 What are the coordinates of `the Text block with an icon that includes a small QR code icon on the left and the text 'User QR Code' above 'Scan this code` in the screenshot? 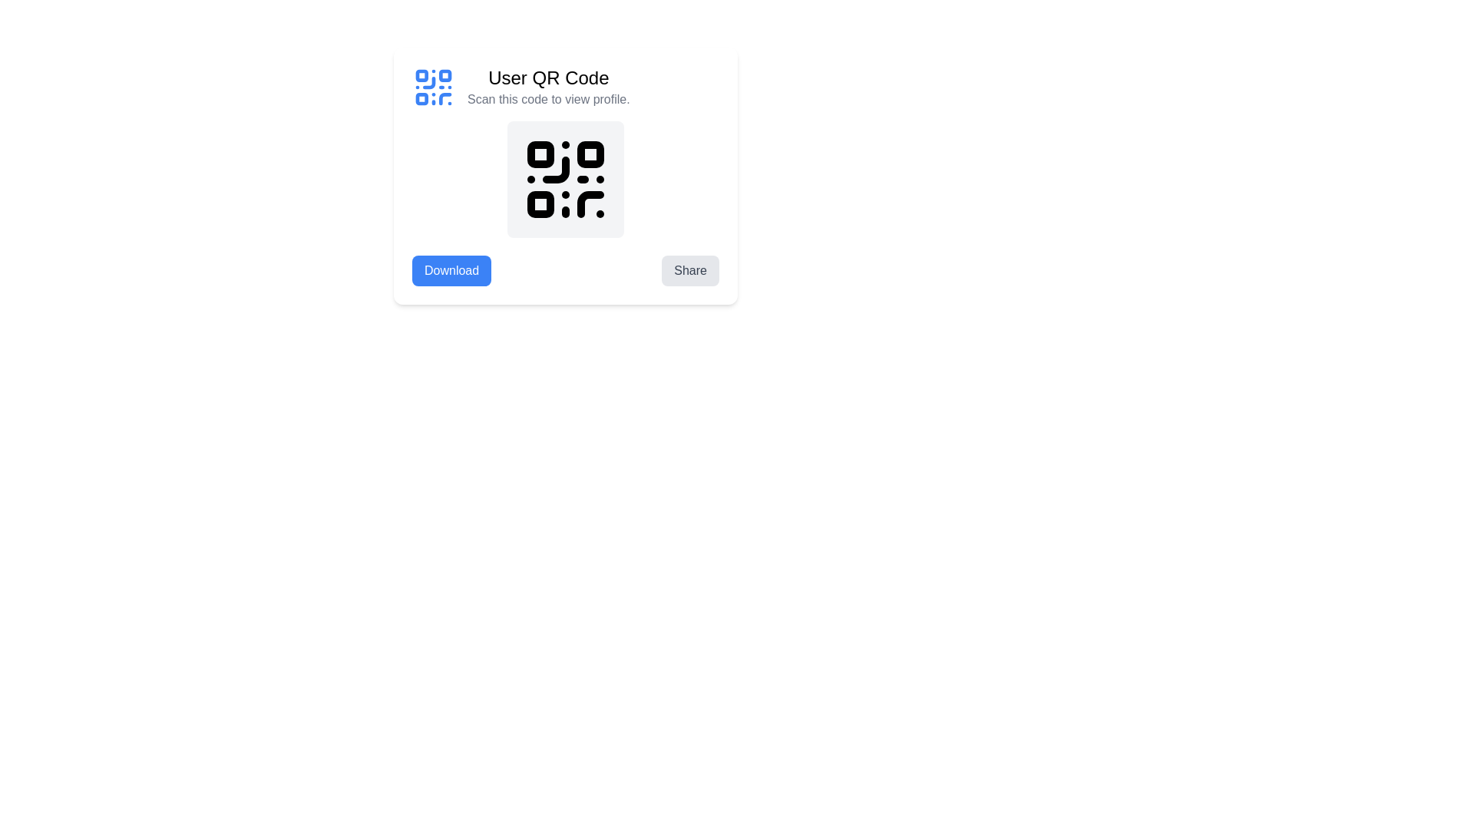 It's located at (565, 88).